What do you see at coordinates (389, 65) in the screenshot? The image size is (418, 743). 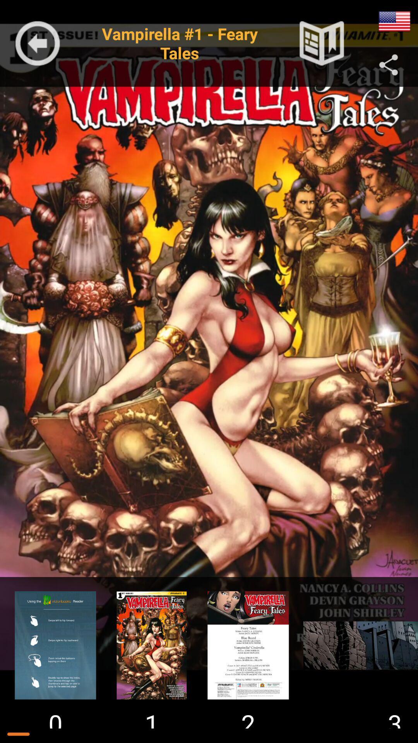 I see `share on social media` at bounding box center [389, 65].